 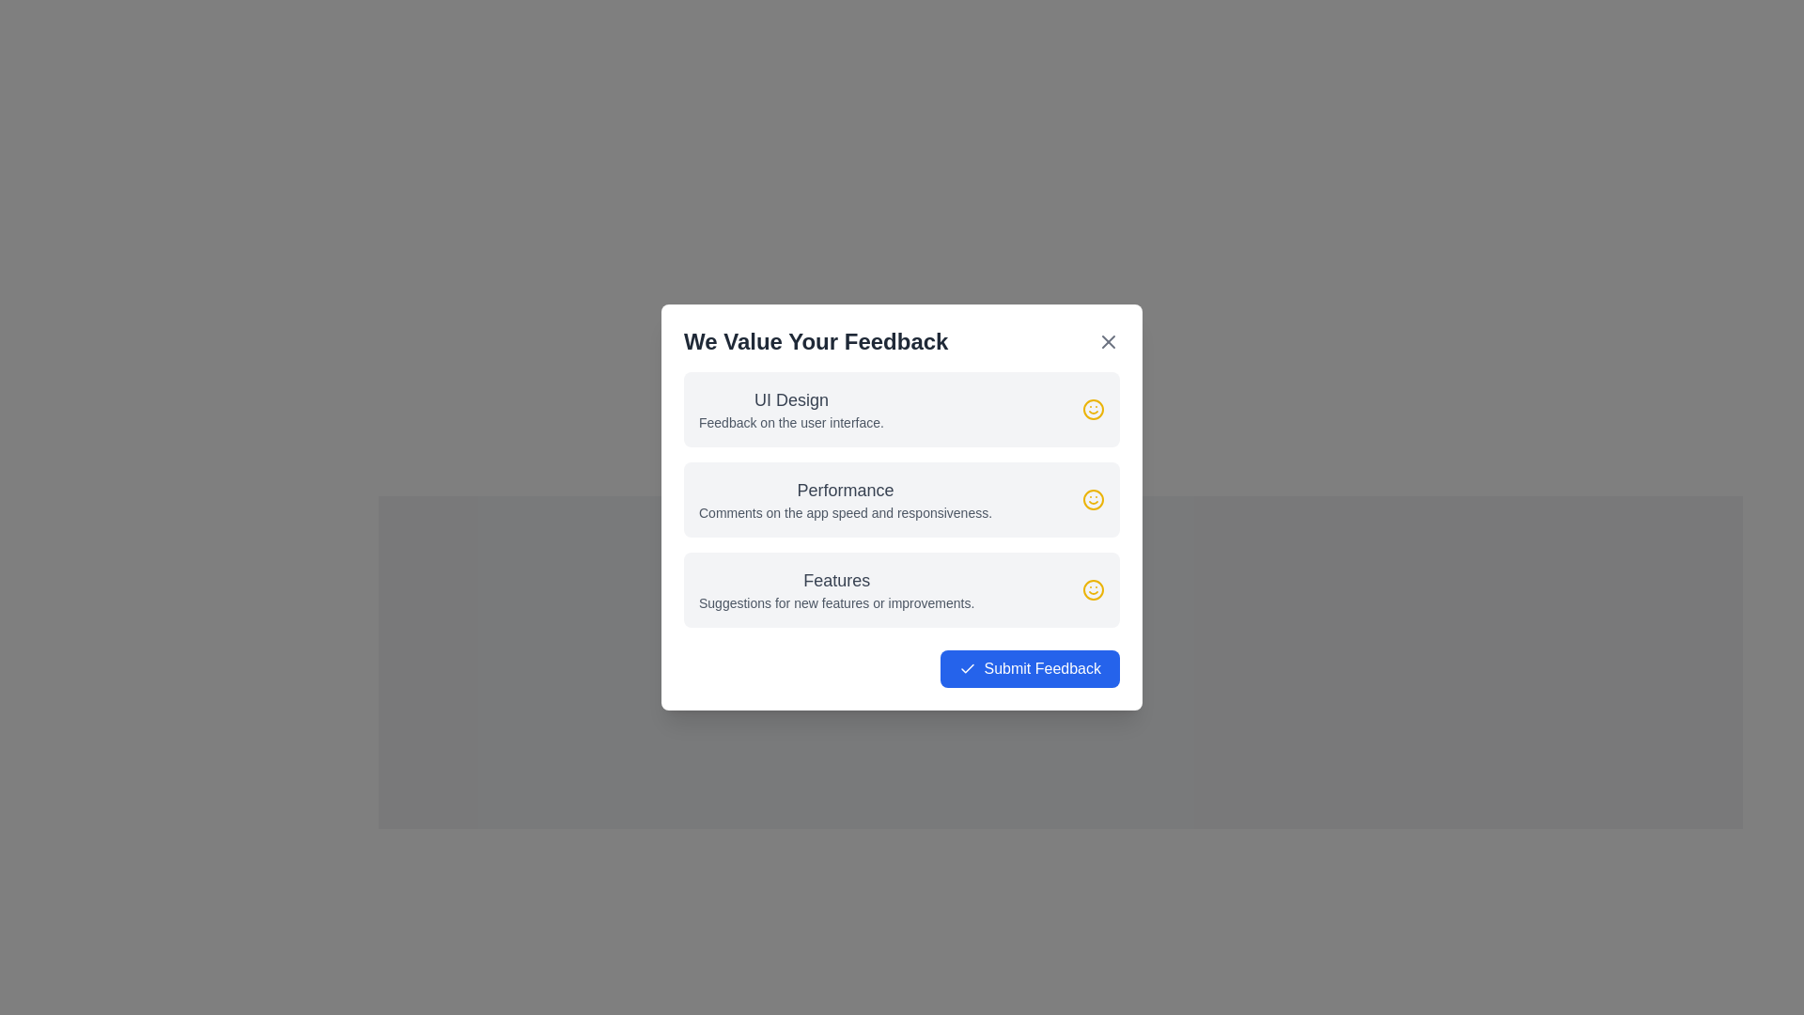 What do you see at coordinates (902, 341) in the screenshot?
I see `text from the header of the feedback dialog box to understand its purpose, which is located at the top section and spans horizontally across the dialog’s width` at bounding box center [902, 341].